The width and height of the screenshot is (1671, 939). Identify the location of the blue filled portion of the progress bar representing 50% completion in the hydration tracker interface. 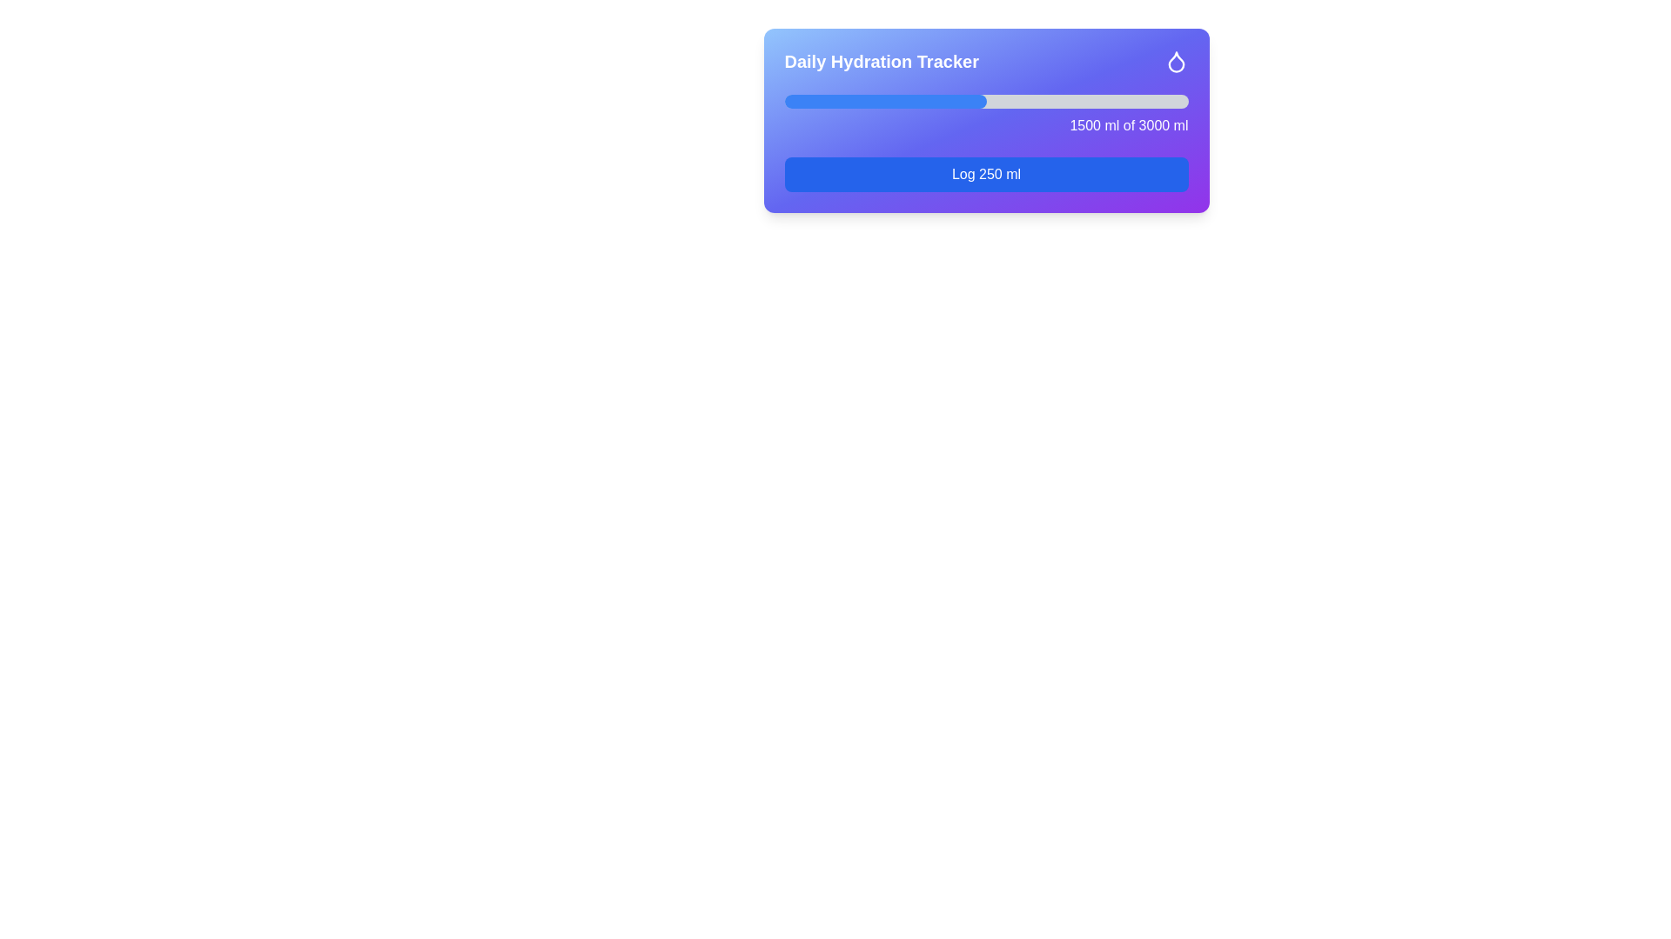
(885, 101).